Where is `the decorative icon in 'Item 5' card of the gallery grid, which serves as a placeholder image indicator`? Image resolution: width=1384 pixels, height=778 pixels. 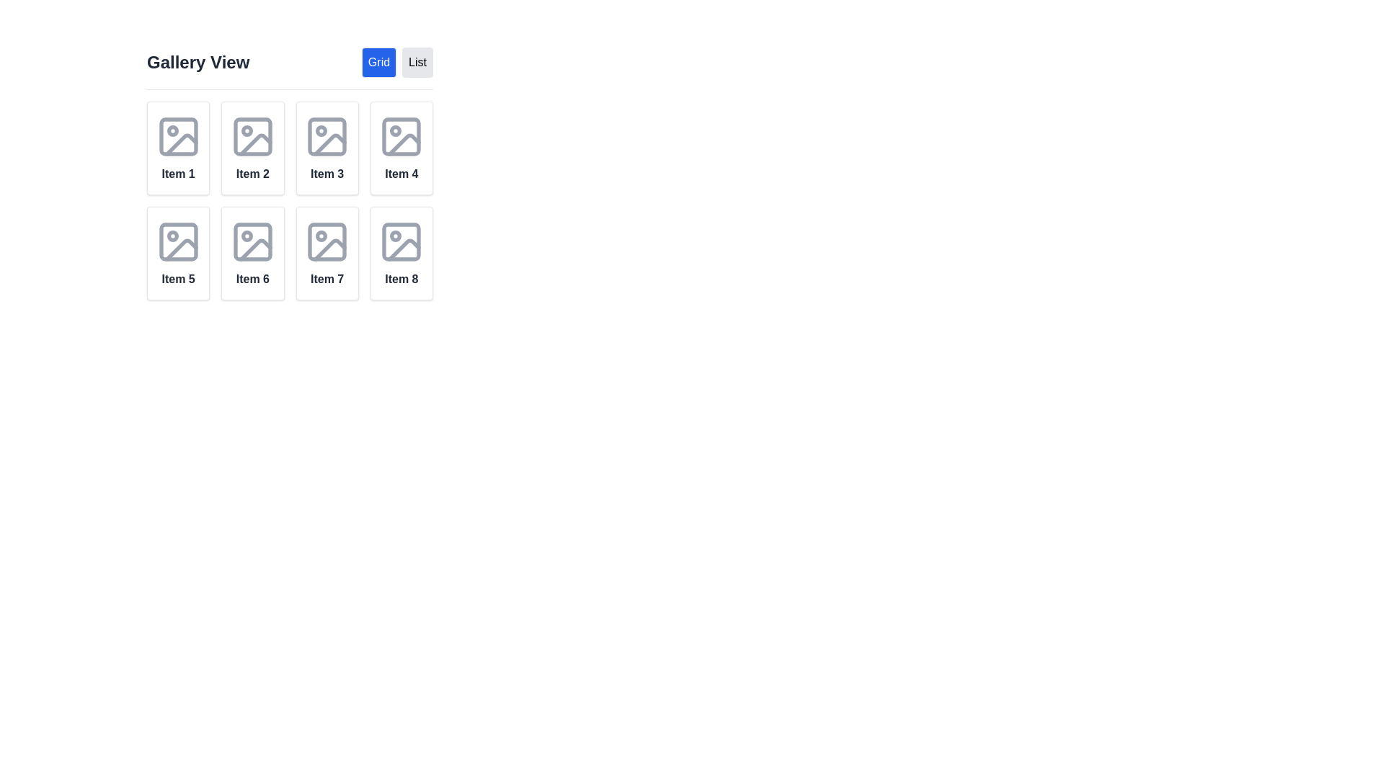
the decorative icon in 'Item 5' card of the gallery grid, which serves as a placeholder image indicator is located at coordinates (180, 249).